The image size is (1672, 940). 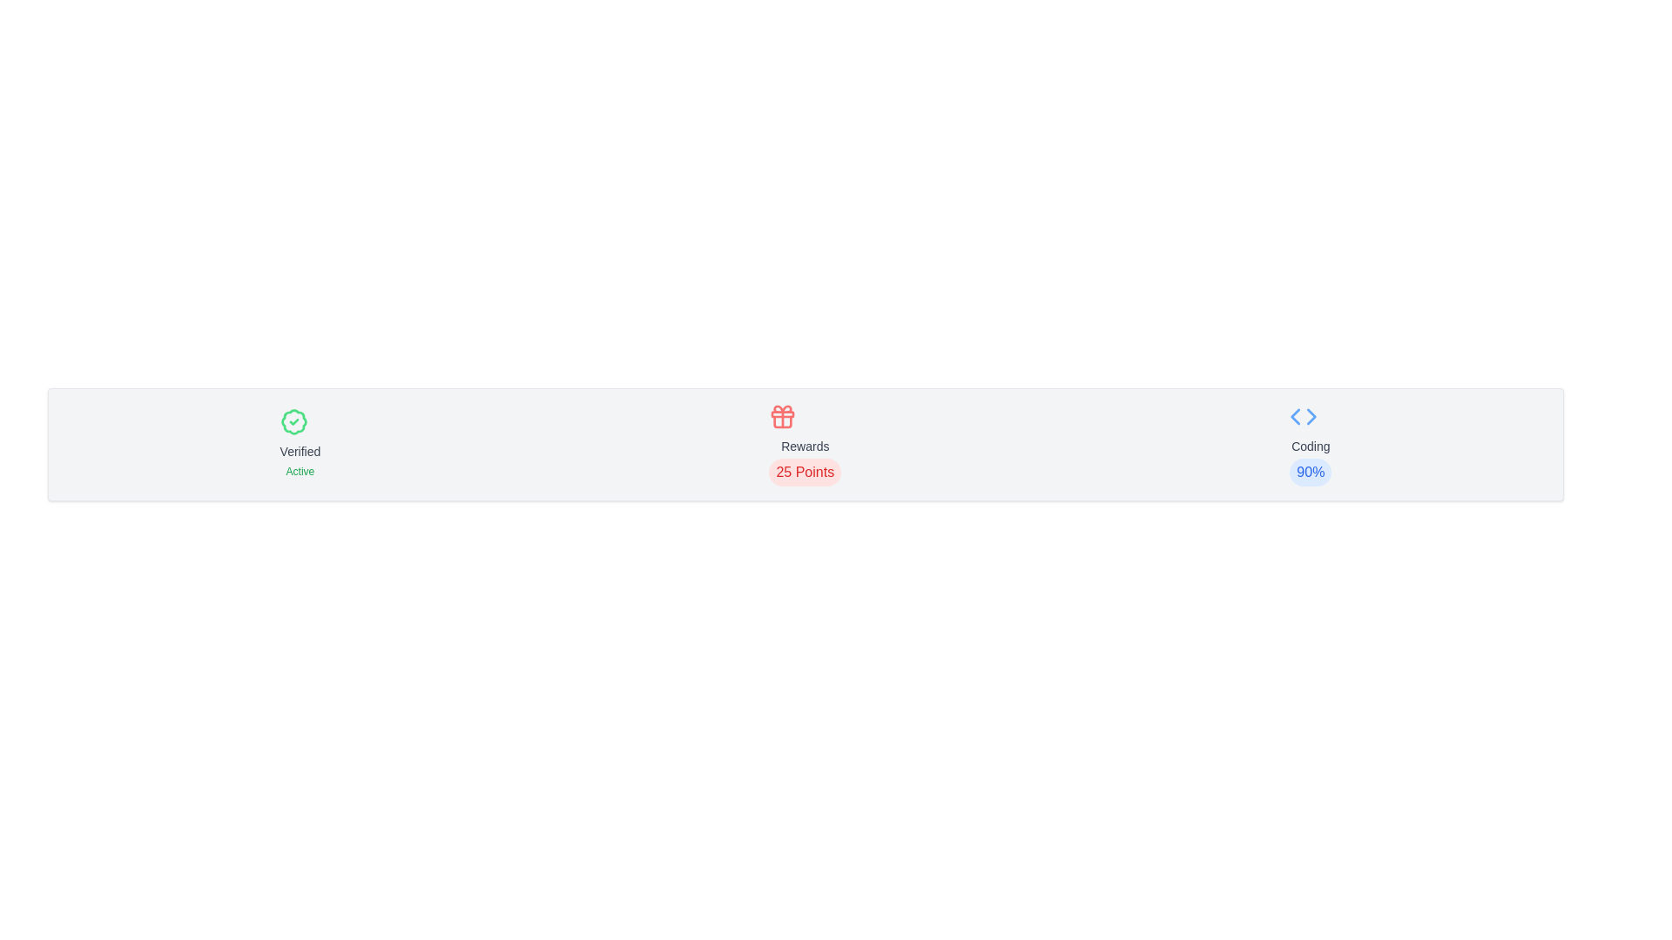 What do you see at coordinates (1311, 446) in the screenshot?
I see `the static text label displaying 'Coding' in gray font, positioned below a coding-related icon and above the percentage text '90%'` at bounding box center [1311, 446].